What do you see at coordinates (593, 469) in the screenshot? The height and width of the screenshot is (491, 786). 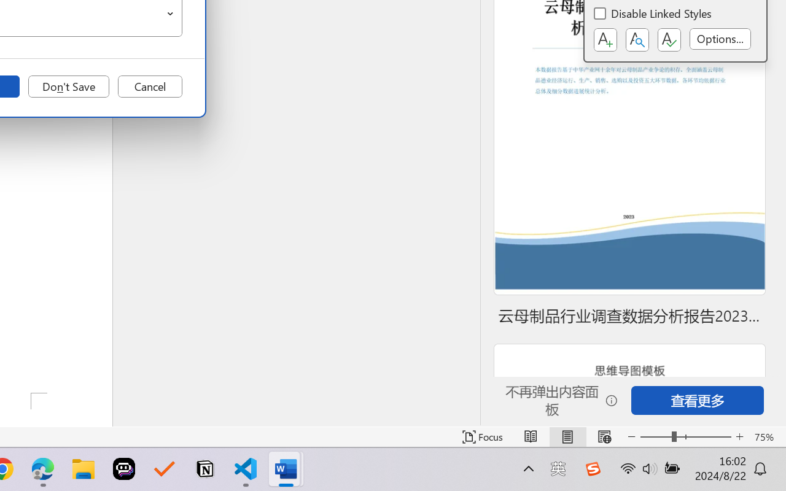 I see `'Class: Image'` at bounding box center [593, 469].